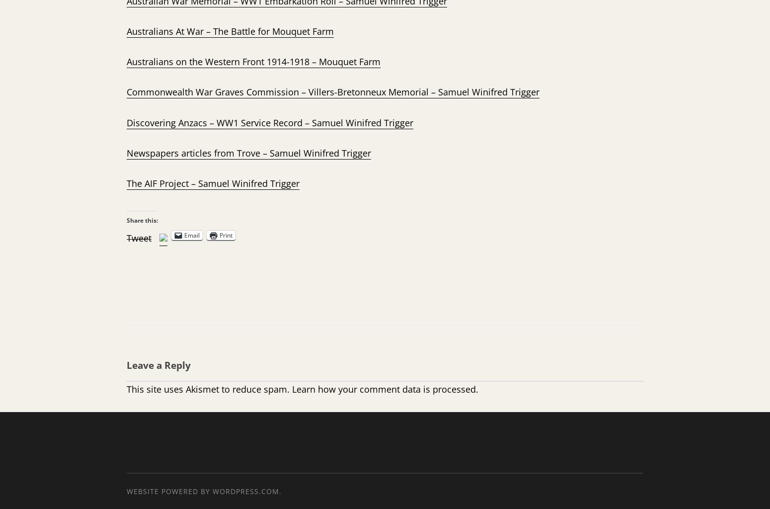  What do you see at coordinates (158, 364) in the screenshot?
I see `'Leave a Reply'` at bounding box center [158, 364].